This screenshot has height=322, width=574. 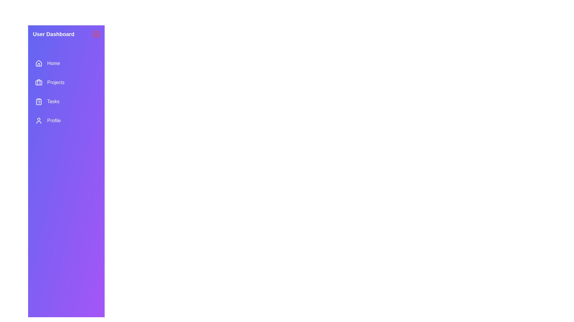 I want to click on the 'Tasks' icon located in the vertical sidebar on the left-hand side of the interface, so click(x=38, y=102).